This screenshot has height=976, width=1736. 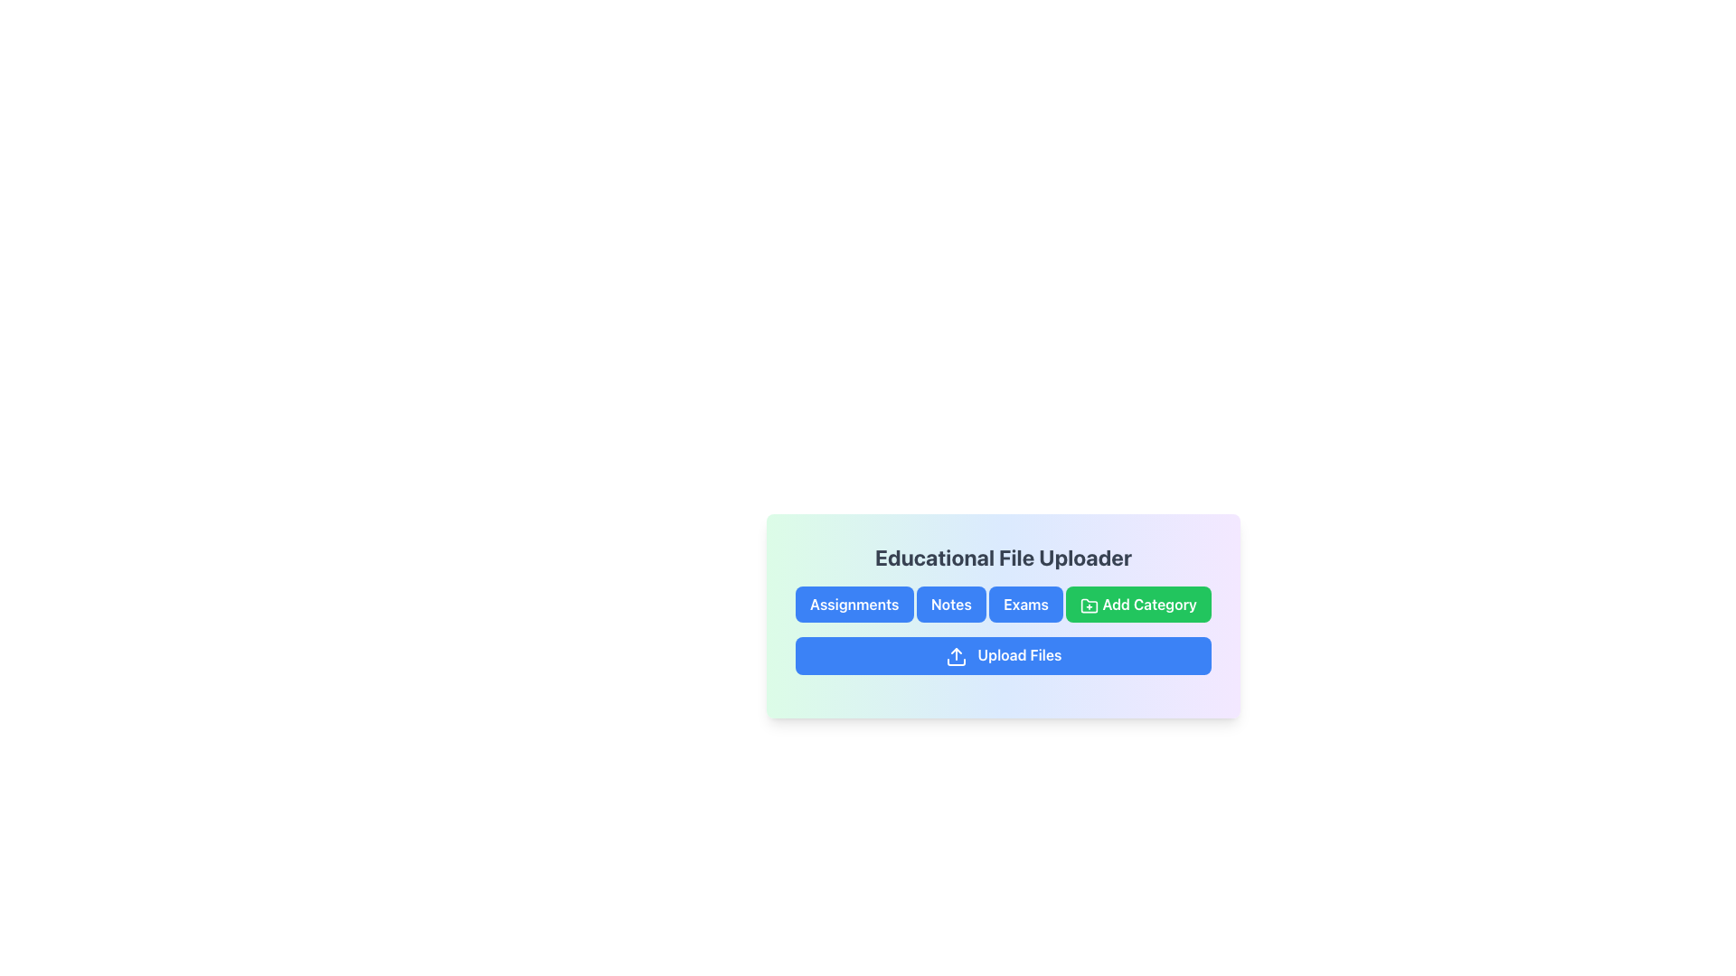 What do you see at coordinates (1002, 604) in the screenshot?
I see `the 'Exams' button, which has a blue background and white text, positioned between the 'Notes' and 'Add Category' buttons in the Educational File Uploader section` at bounding box center [1002, 604].